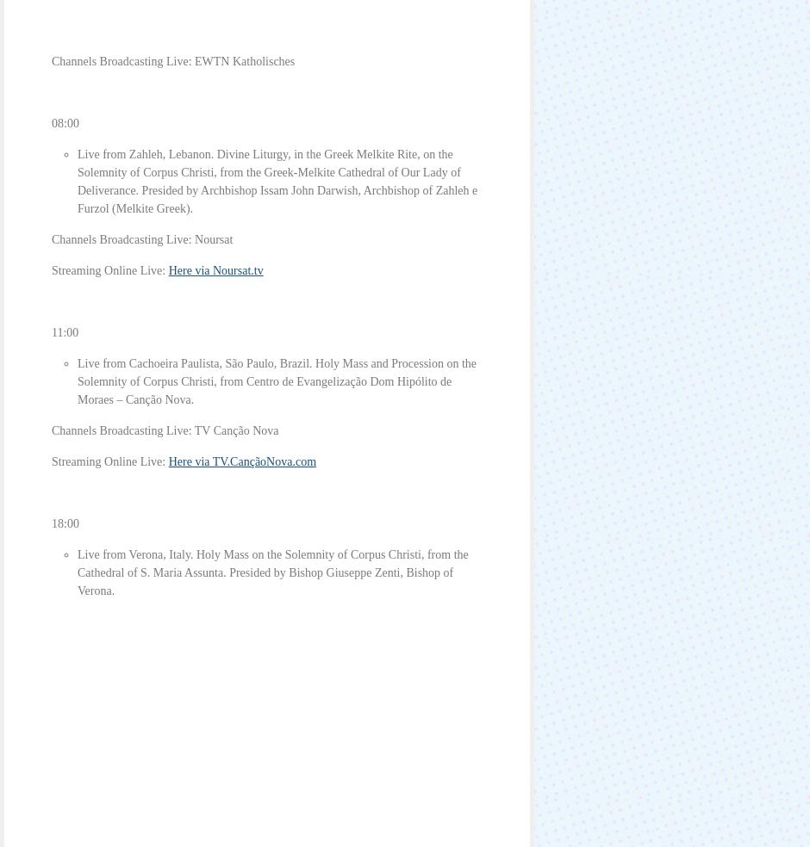 Image resolution: width=810 pixels, height=847 pixels. What do you see at coordinates (277, 181) in the screenshot?
I see `'Live from Zahleh, Lebanon. Divine Liturgy, in the Greek Melkite Rite, on the Solemnity of Corpus Christi, from the Greek-Melkite Cathedral of Our Lady of Deliverance. Presided by Archbishop Issam John Darwish, Archbishop of Zahleh e Furzol (Melkite Greek).'` at bounding box center [277, 181].